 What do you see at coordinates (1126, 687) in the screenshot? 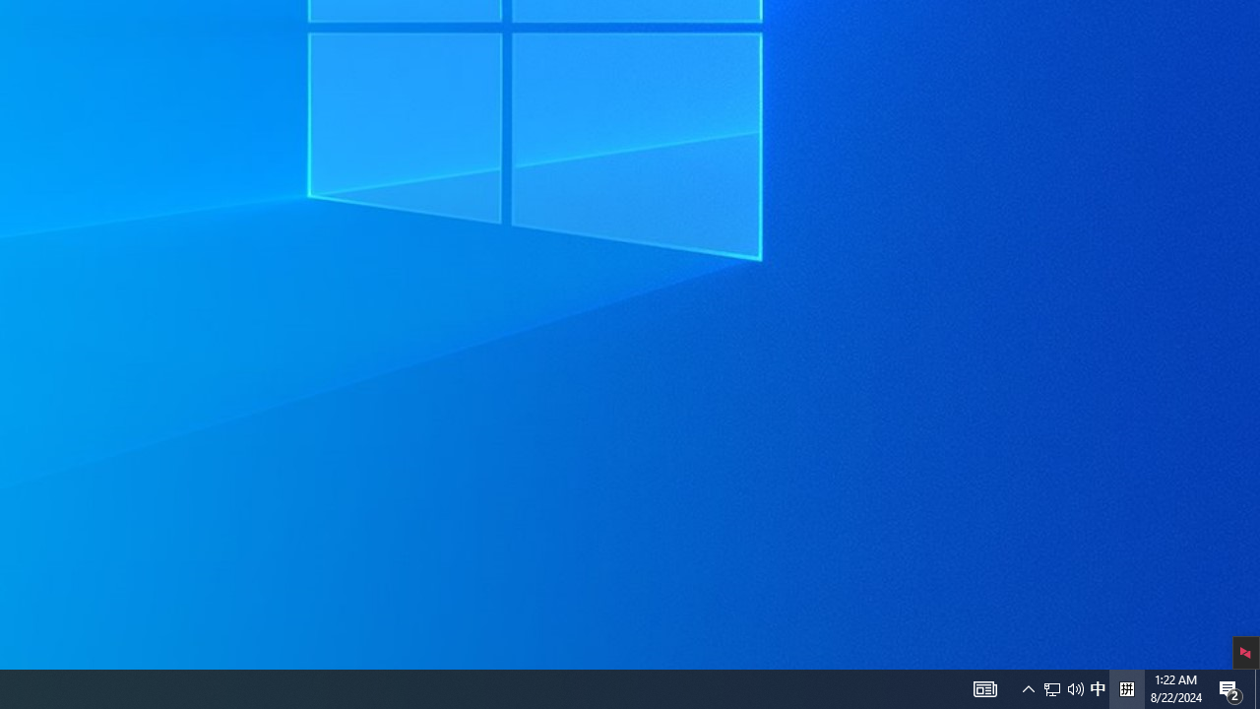
I see `'Tray Input Indicator - Chinese (Simplified, China)'` at bounding box center [1126, 687].